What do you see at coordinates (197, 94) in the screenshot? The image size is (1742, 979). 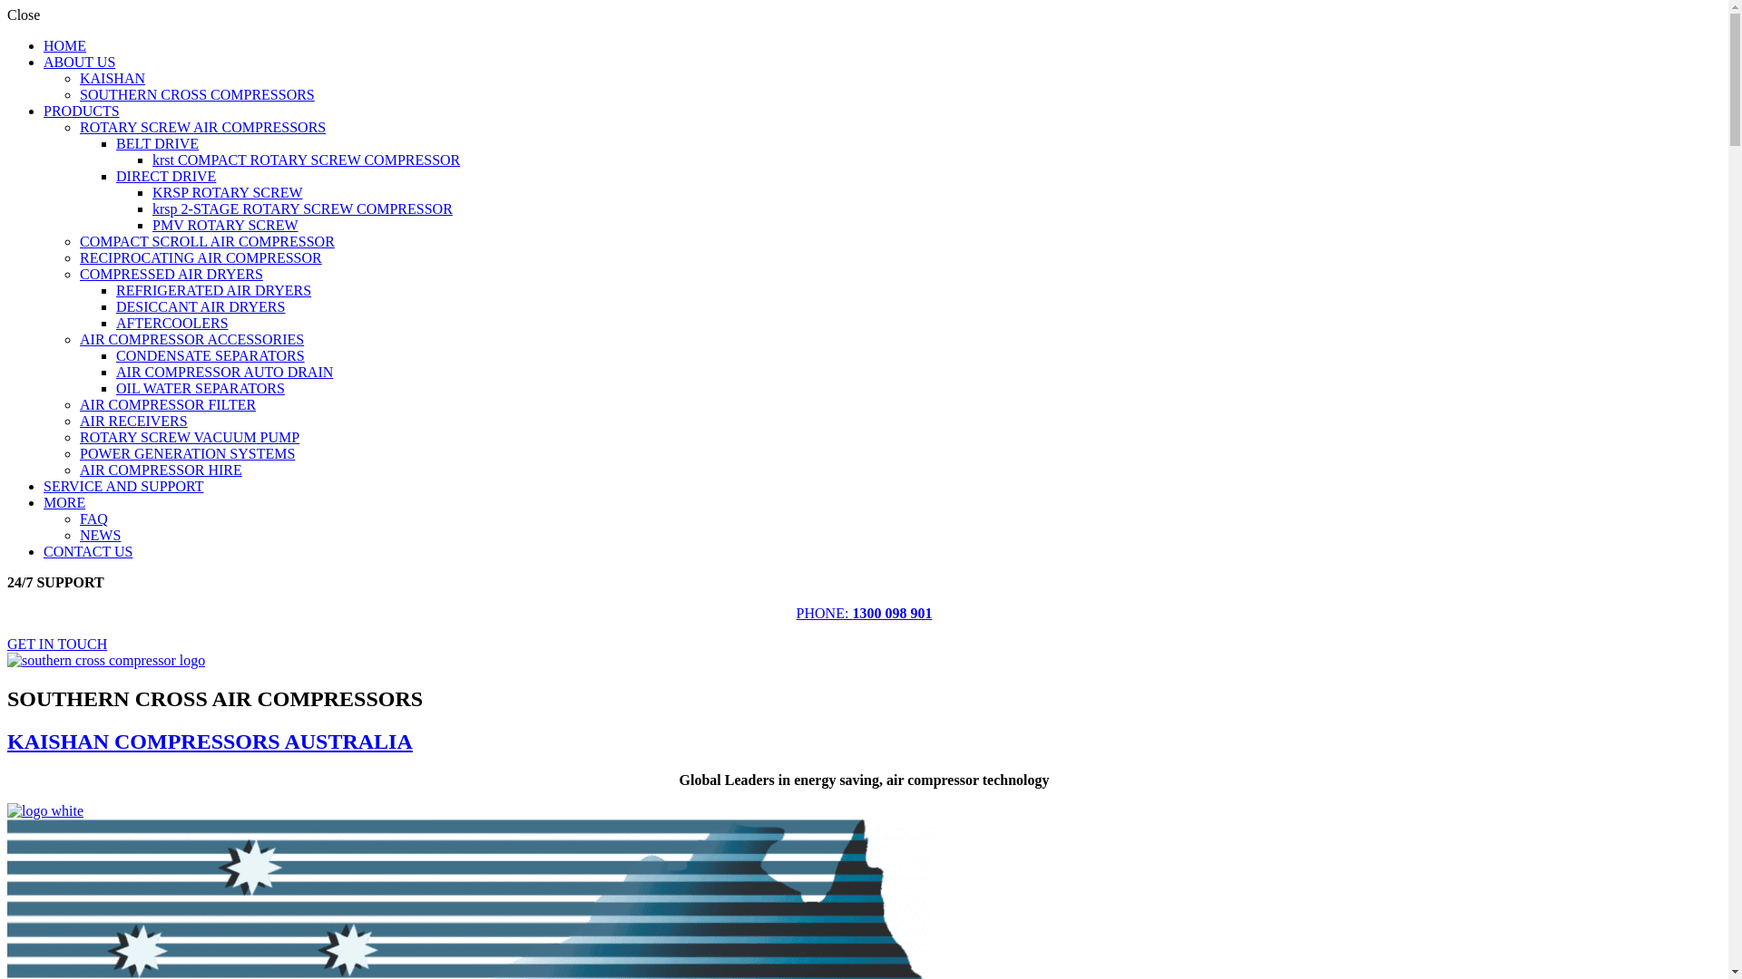 I see `'SOUTHERN CROSS COMPRESSORS'` at bounding box center [197, 94].